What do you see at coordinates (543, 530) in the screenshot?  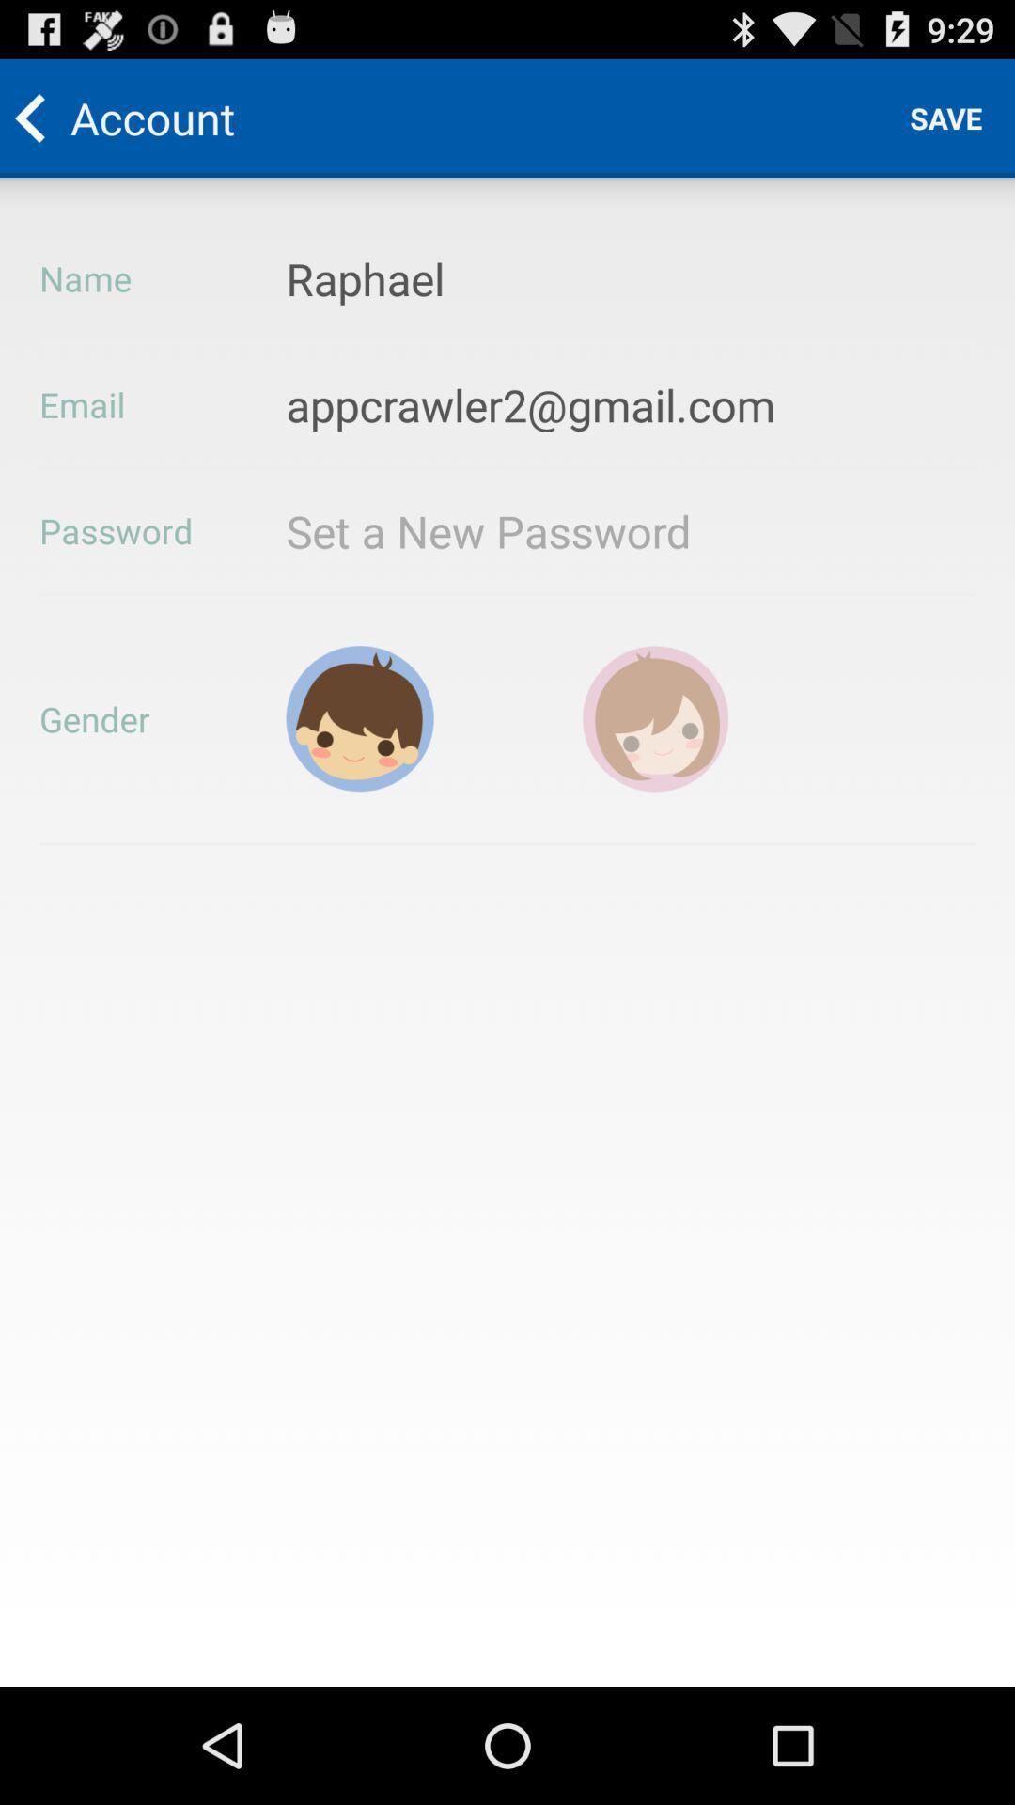 I see `new password` at bounding box center [543, 530].